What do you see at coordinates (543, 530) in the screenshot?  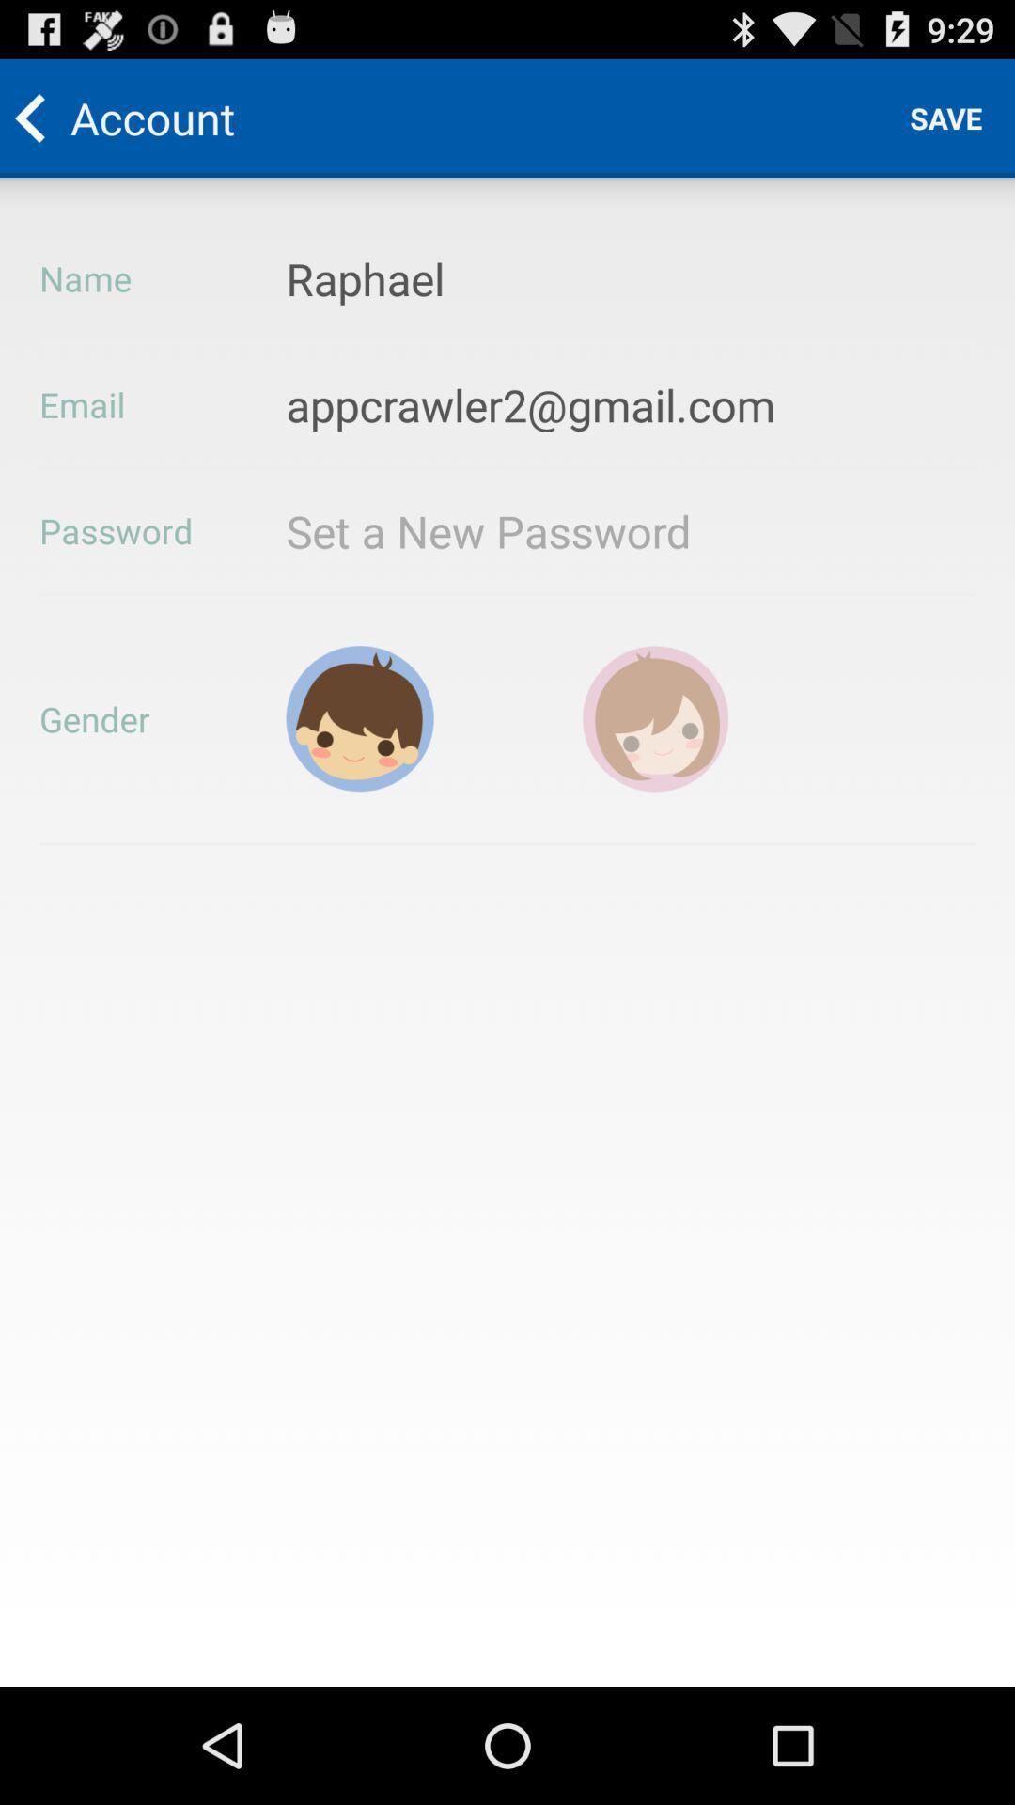 I see `new password` at bounding box center [543, 530].